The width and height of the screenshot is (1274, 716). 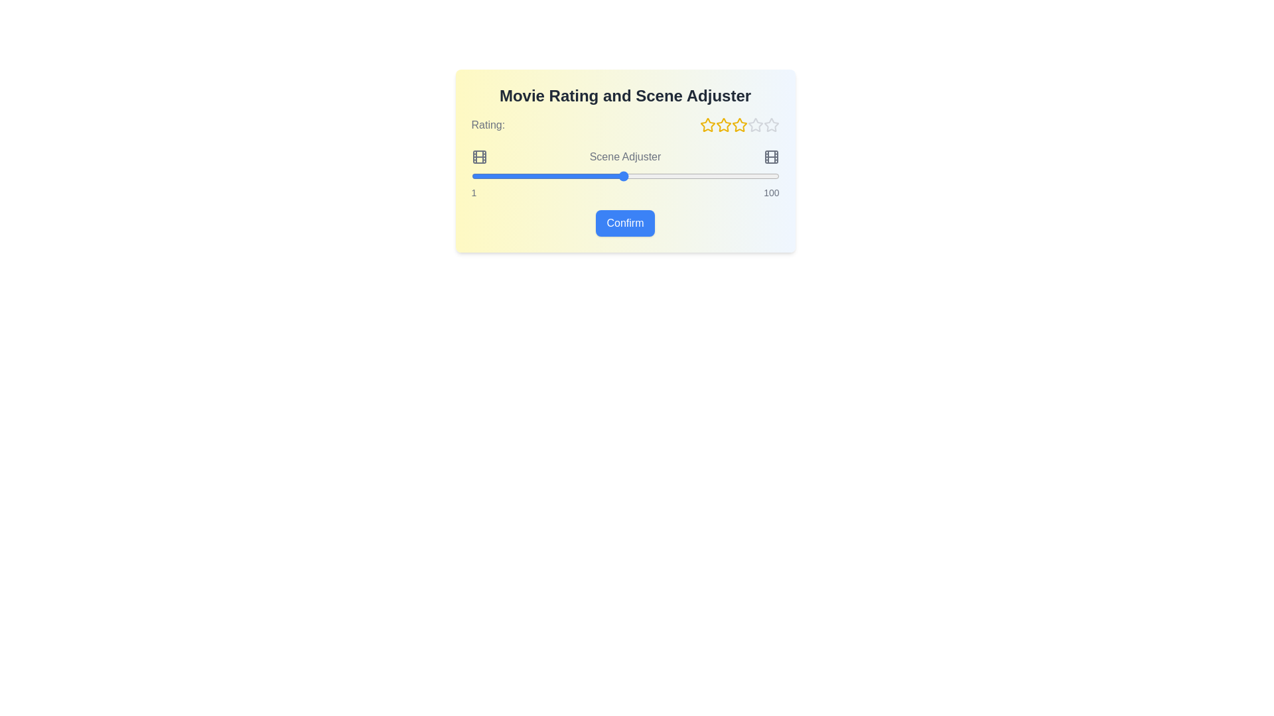 What do you see at coordinates (667, 176) in the screenshot?
I see `the scene slider to 64` at bounding box center [667, 176].